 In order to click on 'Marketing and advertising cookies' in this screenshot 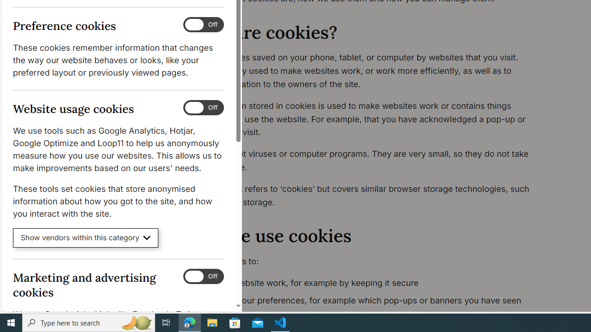, I will do `click(203, 276)`.